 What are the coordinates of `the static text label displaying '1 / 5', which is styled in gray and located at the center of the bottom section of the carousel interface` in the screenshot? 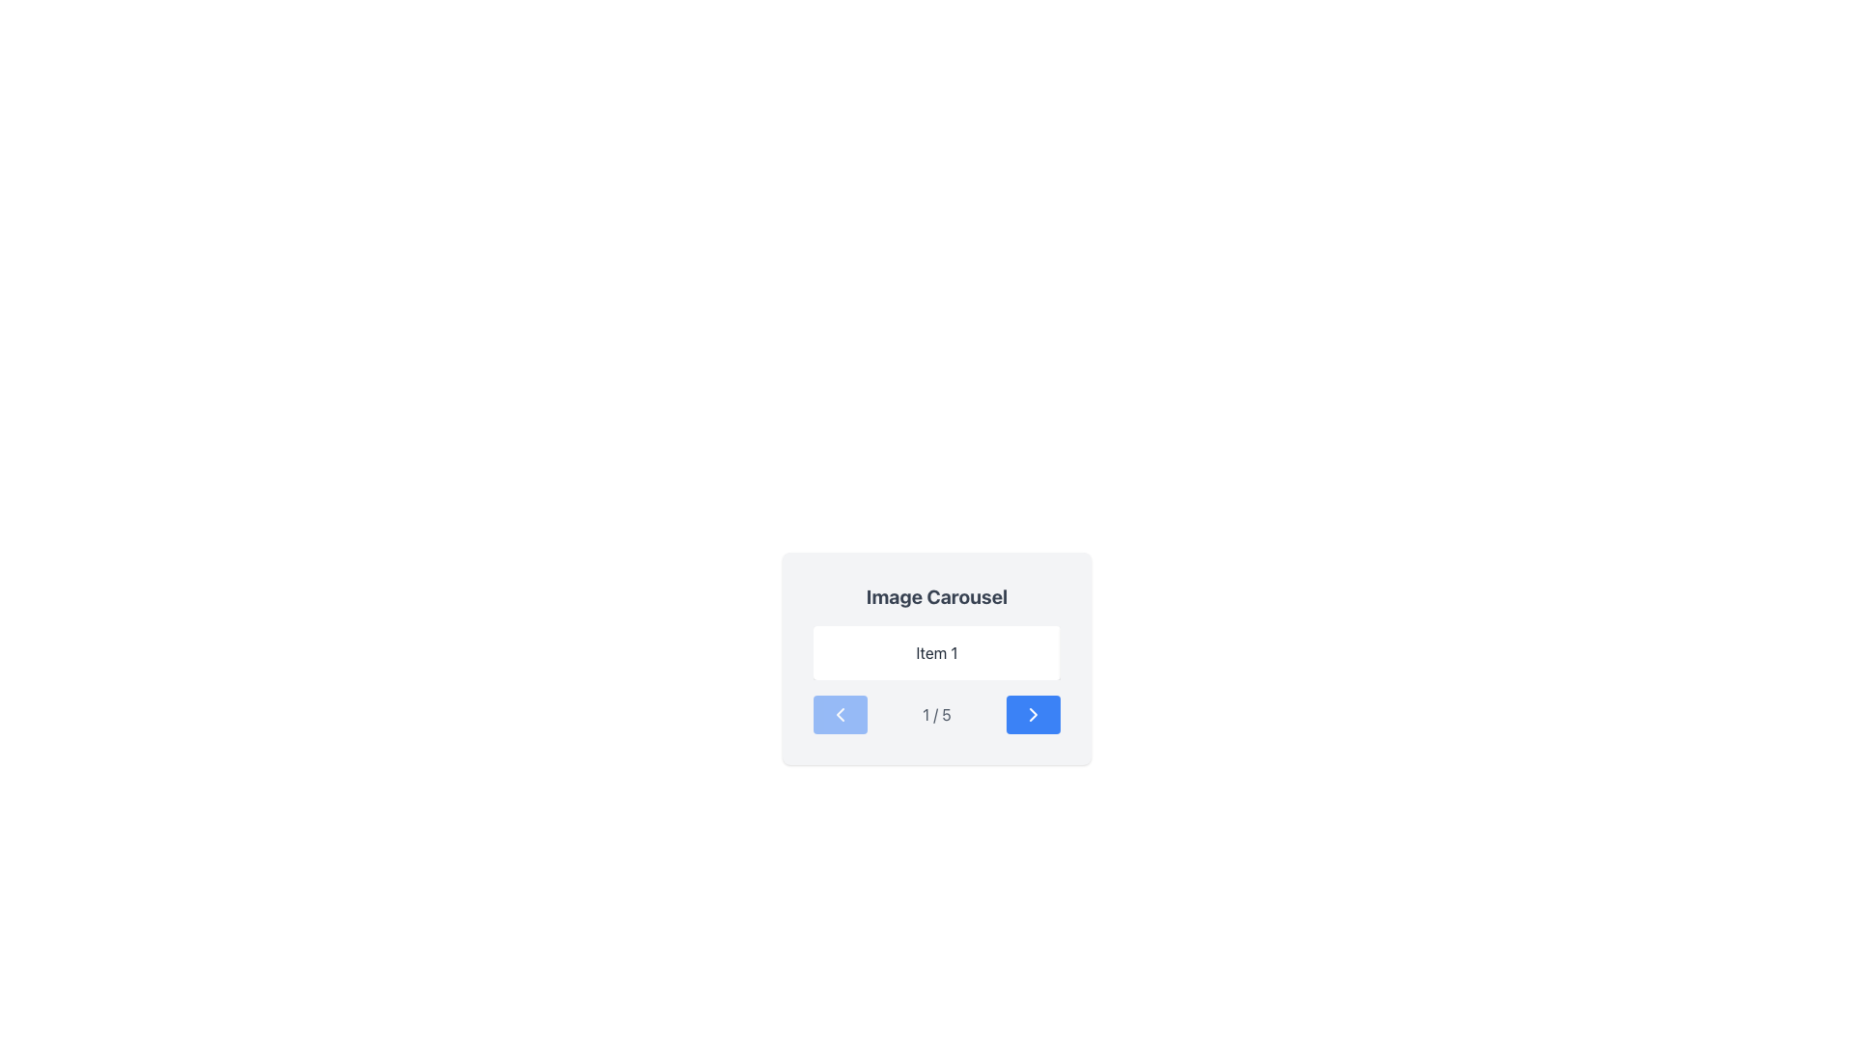 It's located at (936, 714).